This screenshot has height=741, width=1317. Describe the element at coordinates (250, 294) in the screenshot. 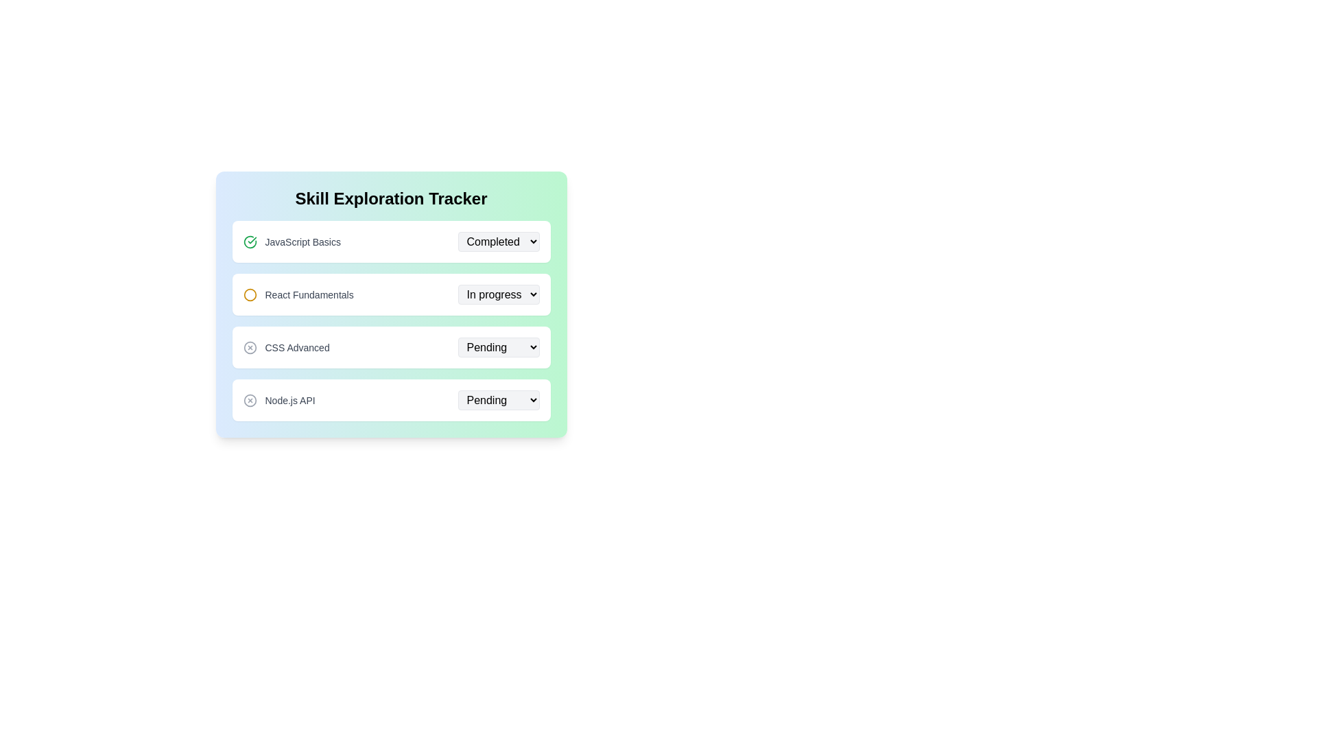

I see `the circular status indicator for 'React Fundamentals' which visually represents its current state in the skill tracker` at that location.